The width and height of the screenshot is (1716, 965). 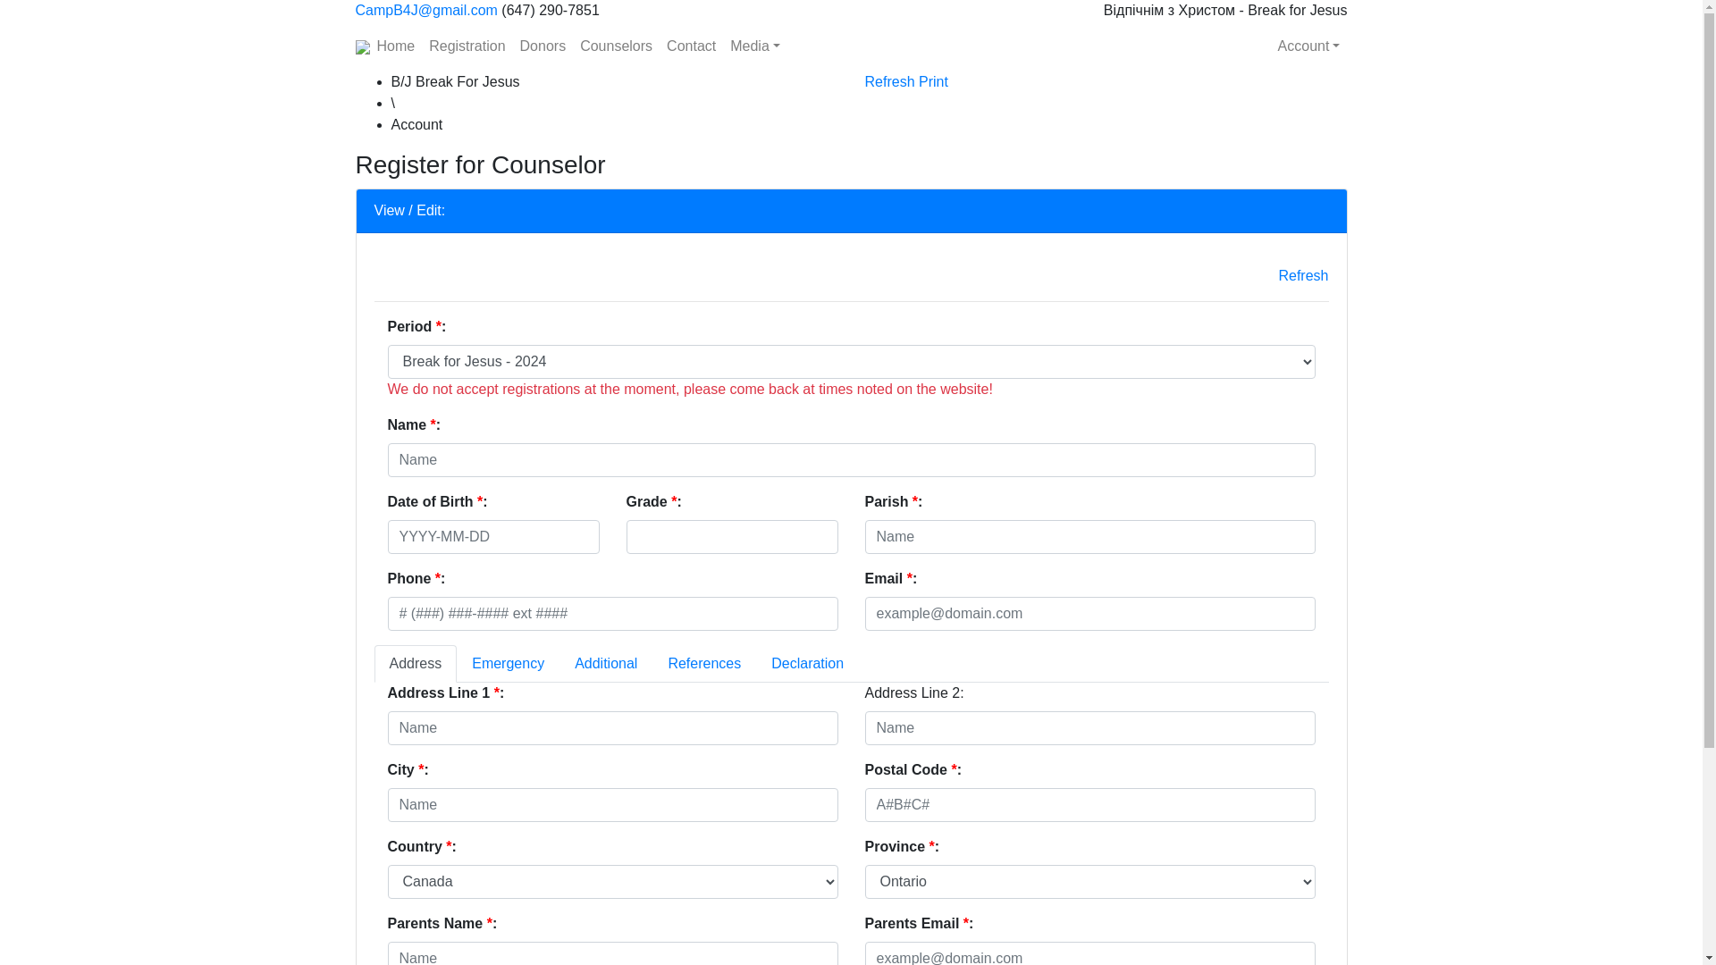 What do you see at coordinates (1303, 275) in the screenshot?
I see `'Refresh'` at bounding box center [1303, 275].